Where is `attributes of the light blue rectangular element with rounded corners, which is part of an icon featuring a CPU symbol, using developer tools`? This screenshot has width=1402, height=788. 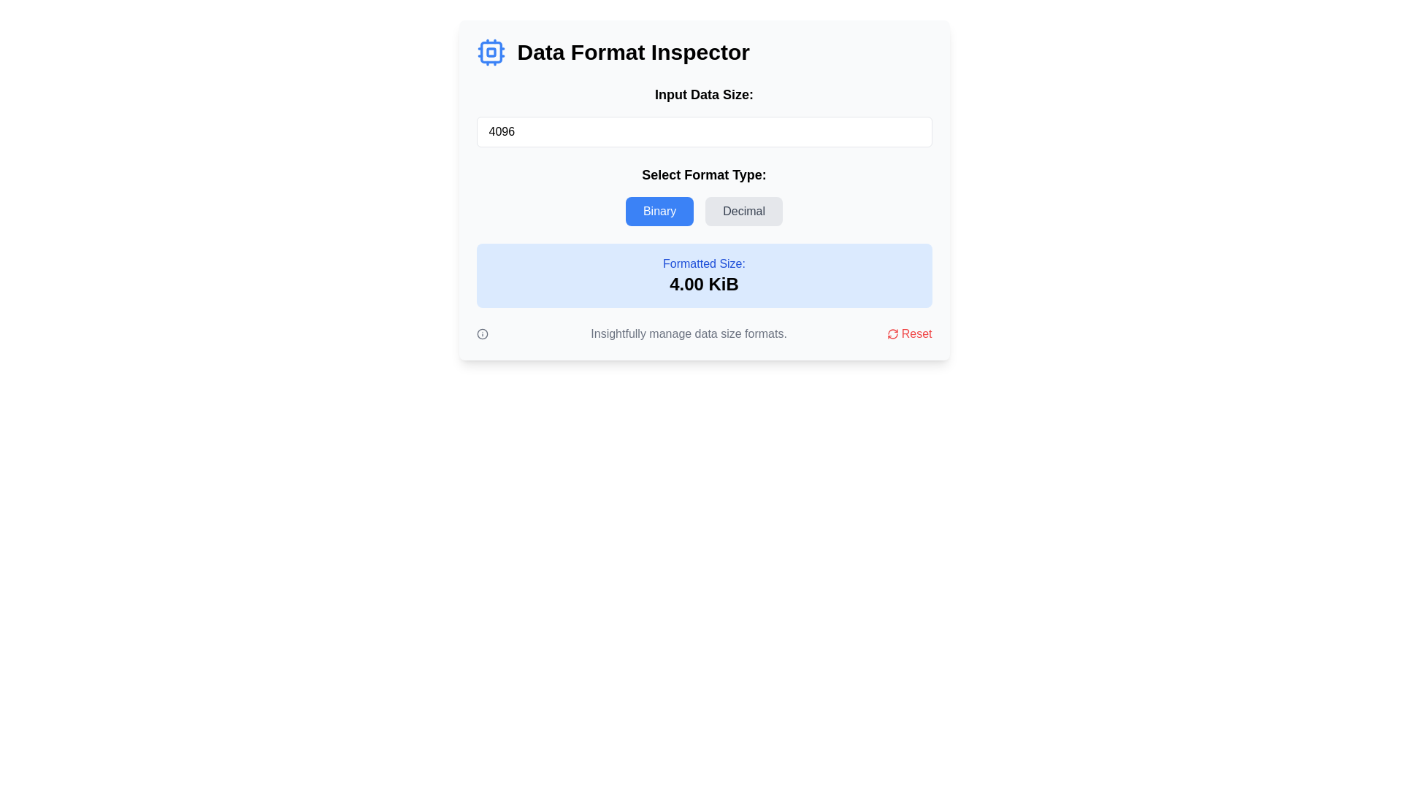
attributes of the light blue rectangular element with rounded corners, which is part of an icon featuring a CPU symbol, using developer tools is located at coordinates (491, 52).